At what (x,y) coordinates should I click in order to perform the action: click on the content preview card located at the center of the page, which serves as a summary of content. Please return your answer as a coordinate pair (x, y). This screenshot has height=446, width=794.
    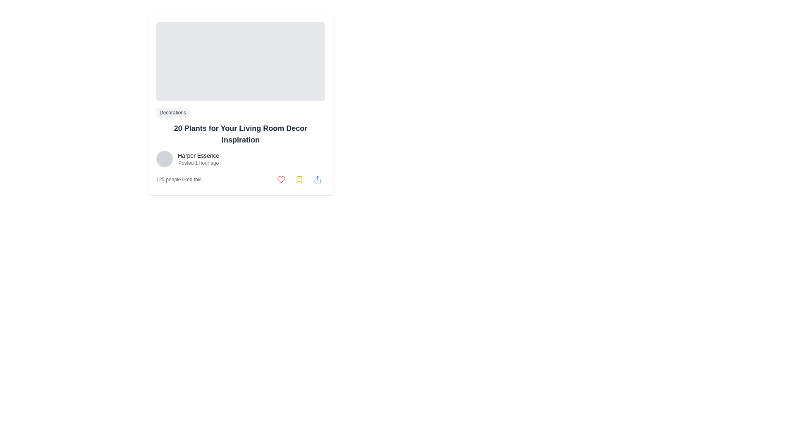
    Looking at the image, I should click on (240, 104).